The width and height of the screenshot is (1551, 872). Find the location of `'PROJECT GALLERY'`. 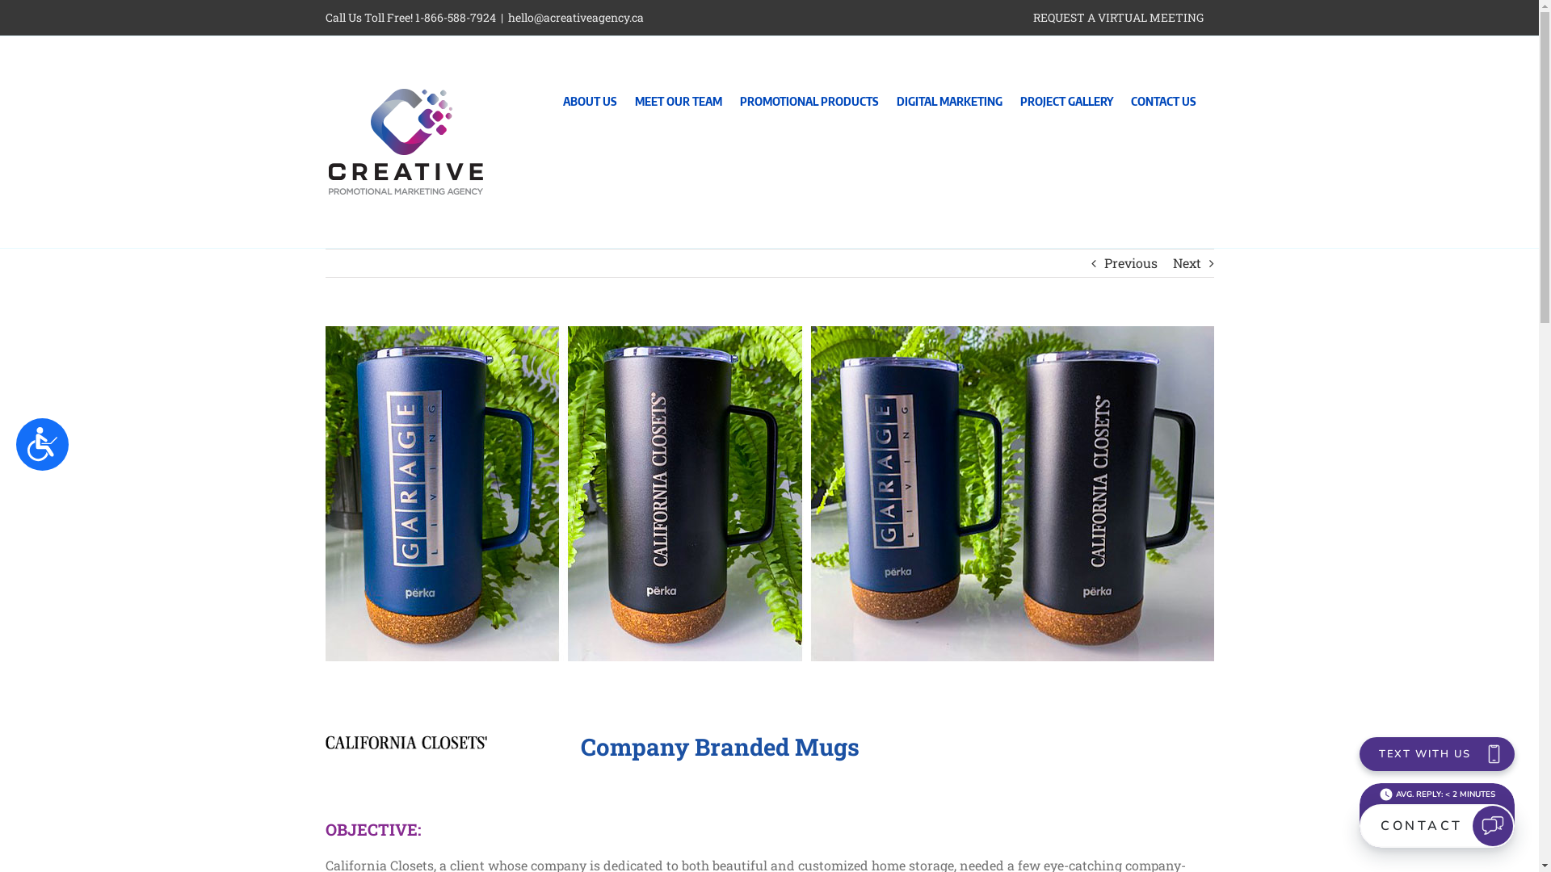

'PROJECT GALLERY' is located at coordinates (1019, 96).